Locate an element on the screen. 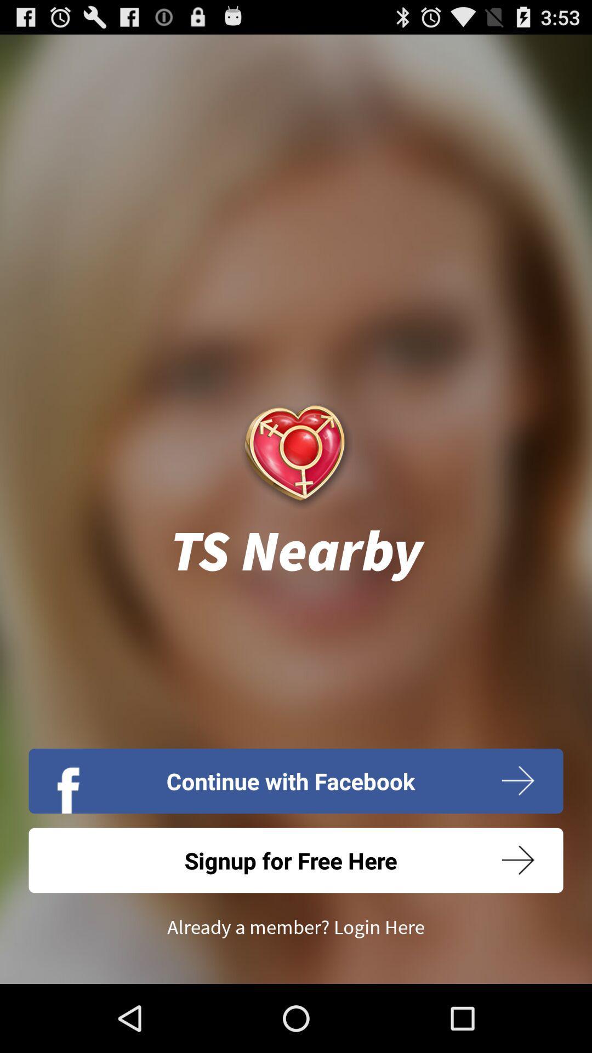  continue with facebook button is located at coordinates (296, 780).